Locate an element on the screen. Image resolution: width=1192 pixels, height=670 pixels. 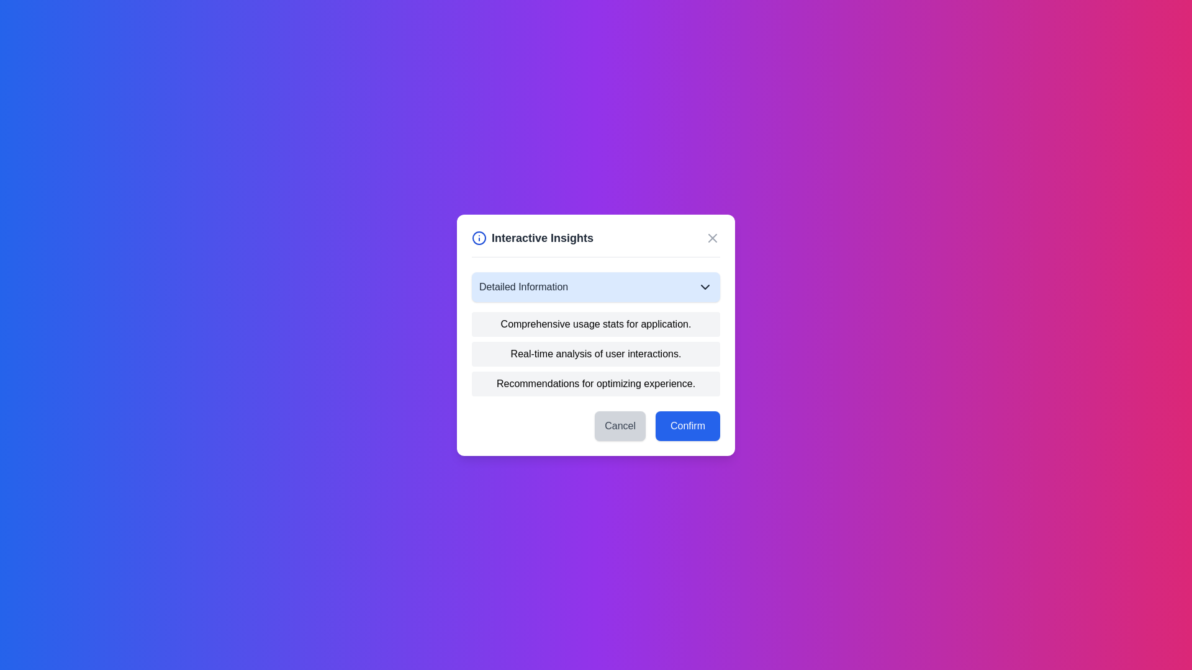
the text label that serves as the title of the modal, located at the top part of the centered modal dialog, to the right of the icon is located at coordinates (542, 238).